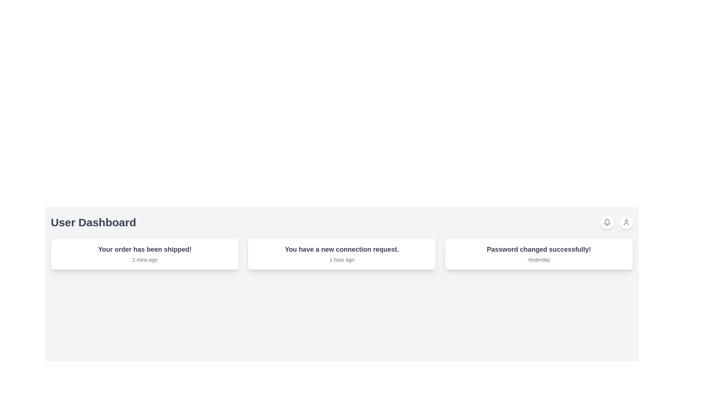 Image resolution: width=707 pixels, height=398 pixels. What do you see at coordinates (607, 222) in the screenshot?
I see `the notification bell icon located in the top-right corner of the user interface` at bounding box center [607, 222].